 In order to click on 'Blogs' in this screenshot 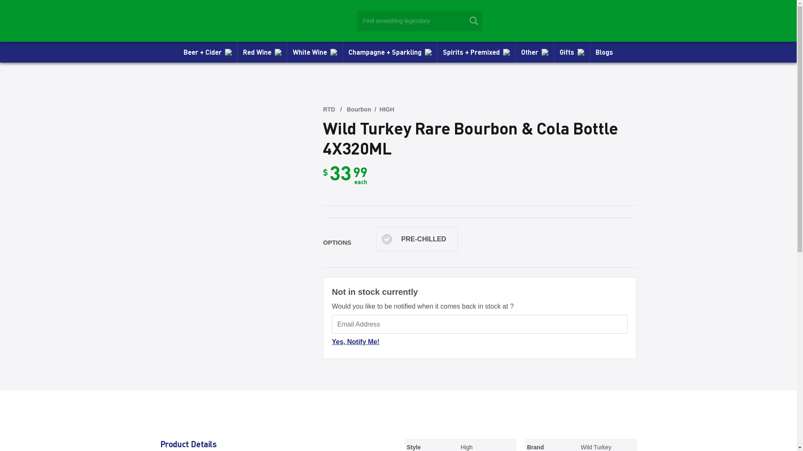, I will do `click(604, 52)`.